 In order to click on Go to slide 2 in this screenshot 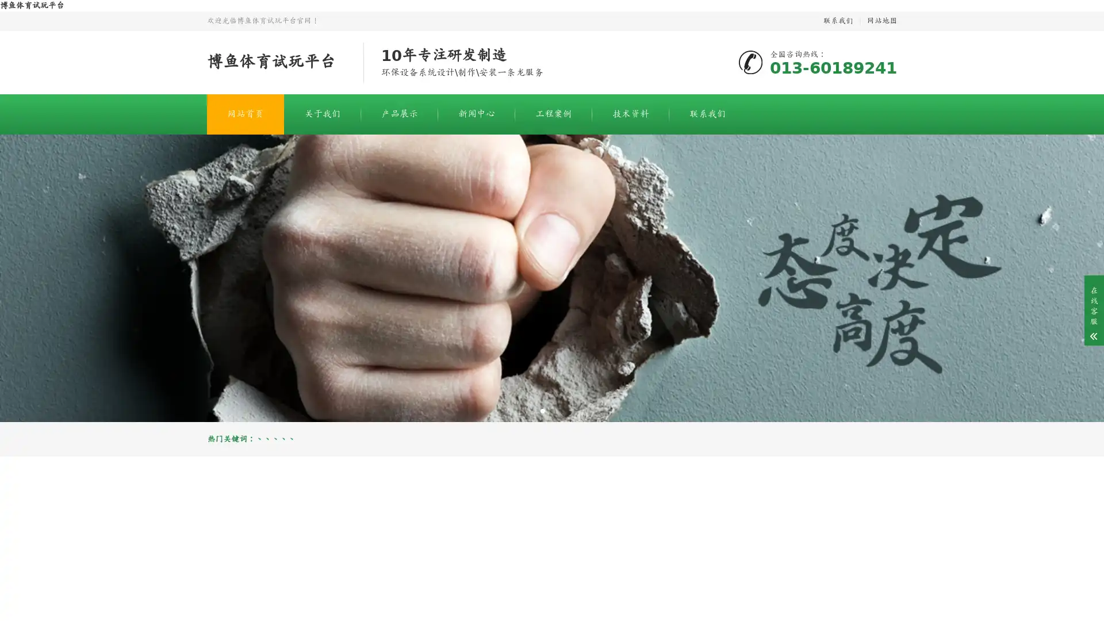, I will do `click(552, 410)`.